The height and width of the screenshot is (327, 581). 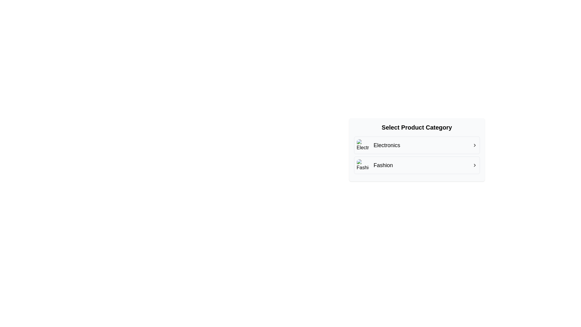 What do you see at coordinates (474, 145) in the screenshot?
I see `the Chevron icon located at the far right of the 'Electronics' row in the 'Select Product Category' menu` at bounding box center [474, 145].